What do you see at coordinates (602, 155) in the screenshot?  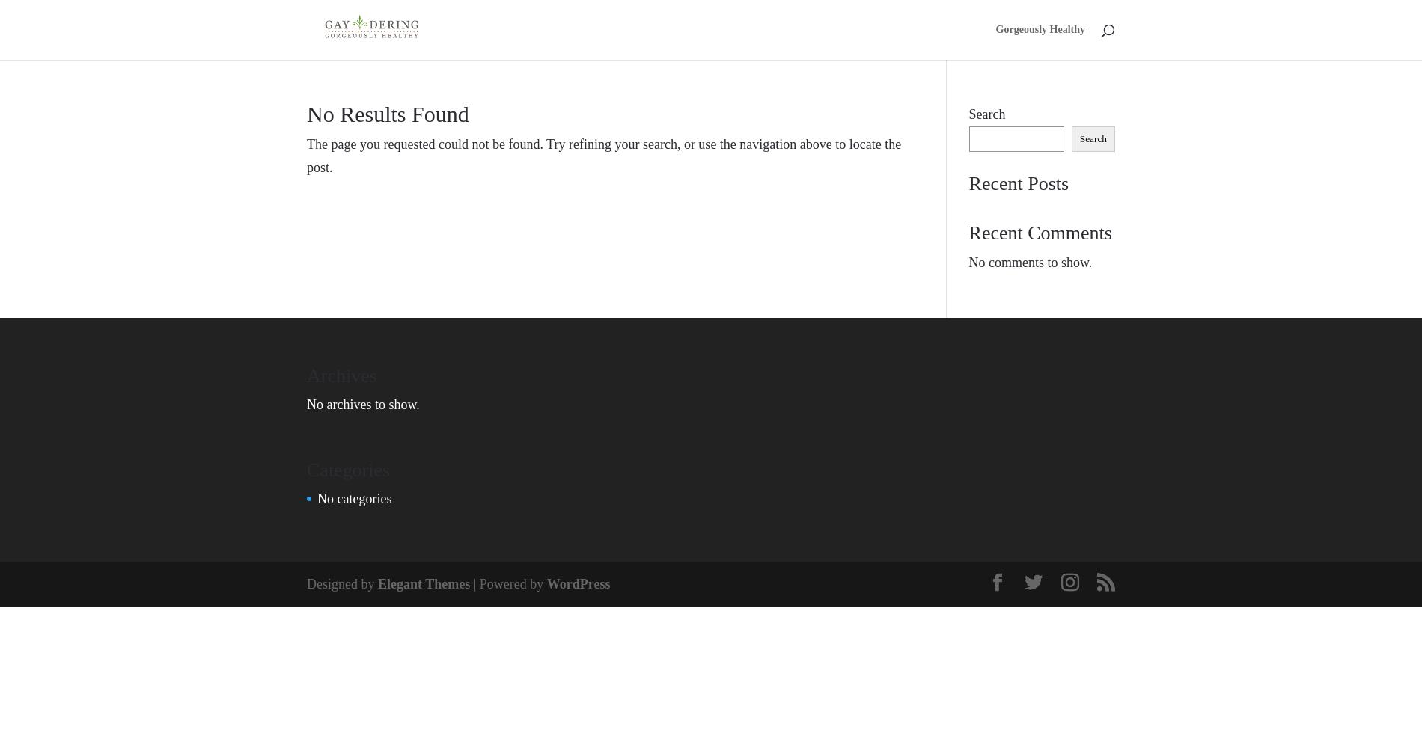 I see `'The page you requested could not be found. Try refining your search, or use the navigation above to locate the post.'` at bounding box center [602, 155].